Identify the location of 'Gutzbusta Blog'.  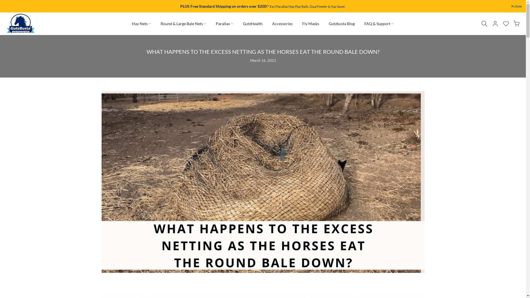
(341, 23).